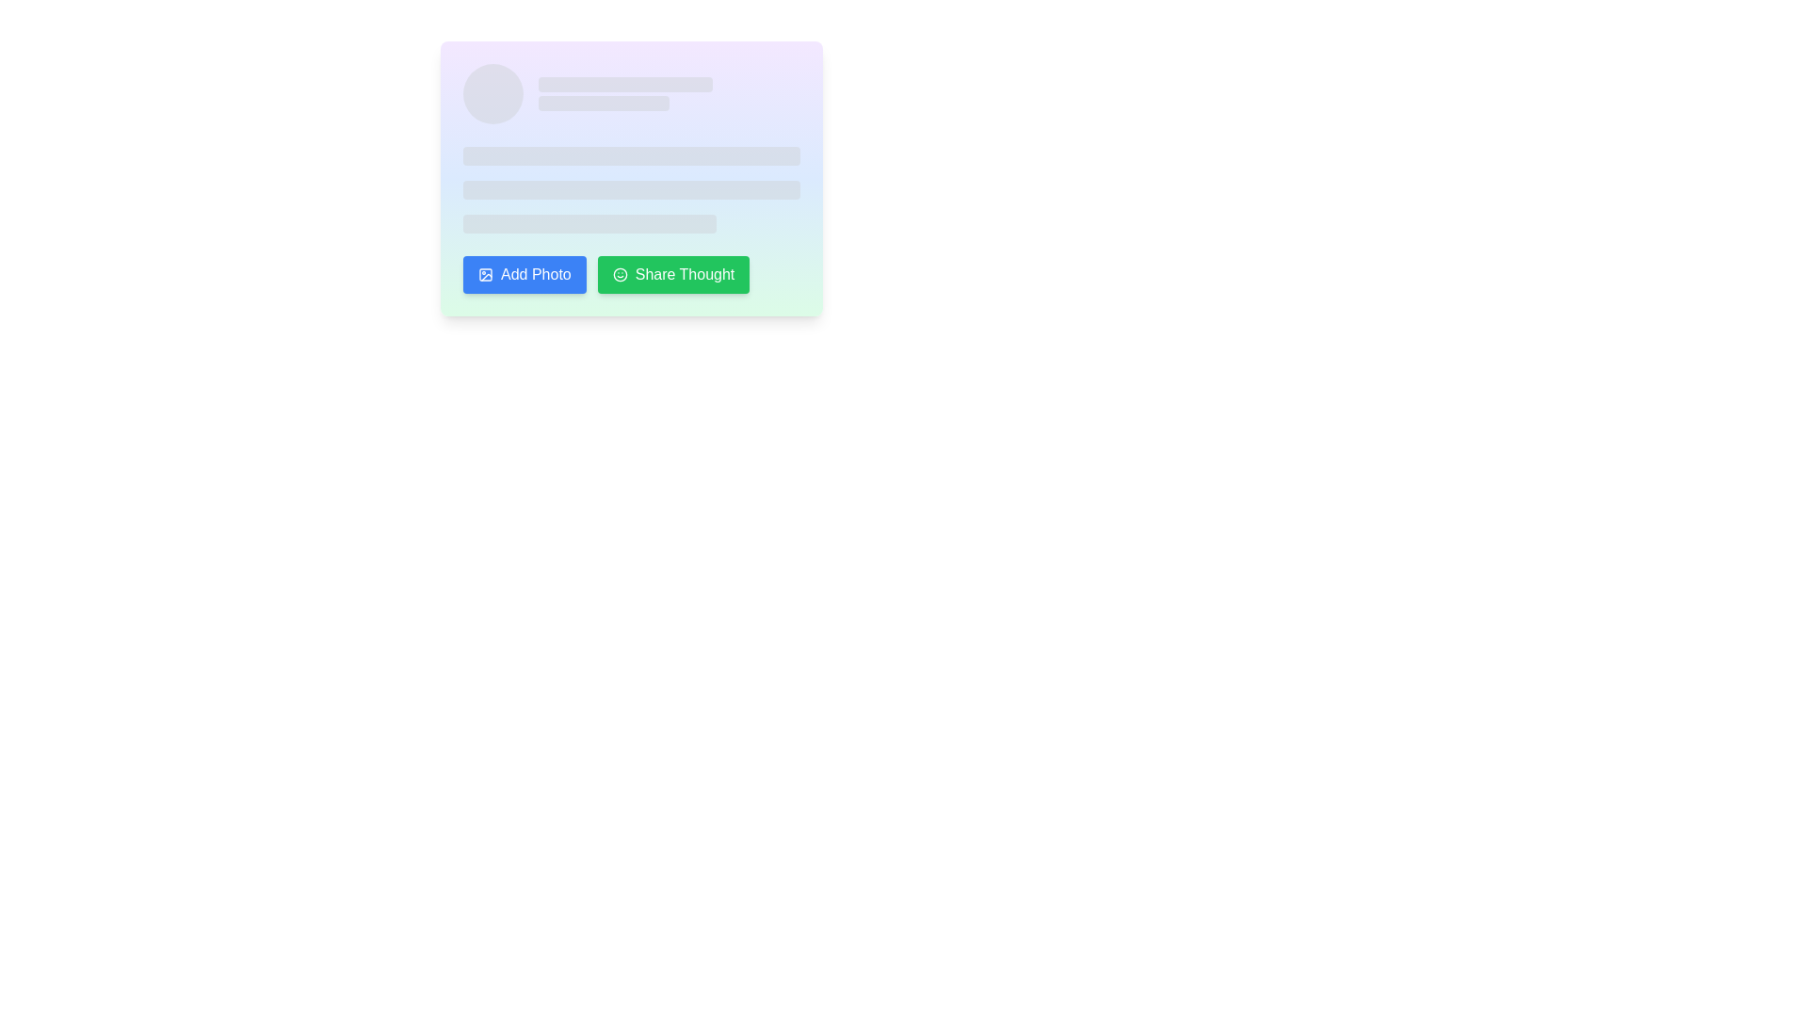 The width and height of the screenshot is (1808, 1017). Describe the element at coordinates (625, 83) in the screenshot. I see `the horizontal rectangular Placeholder bar with rounded edges styled in light gray, located at the top of the profile or summary section` at that location.